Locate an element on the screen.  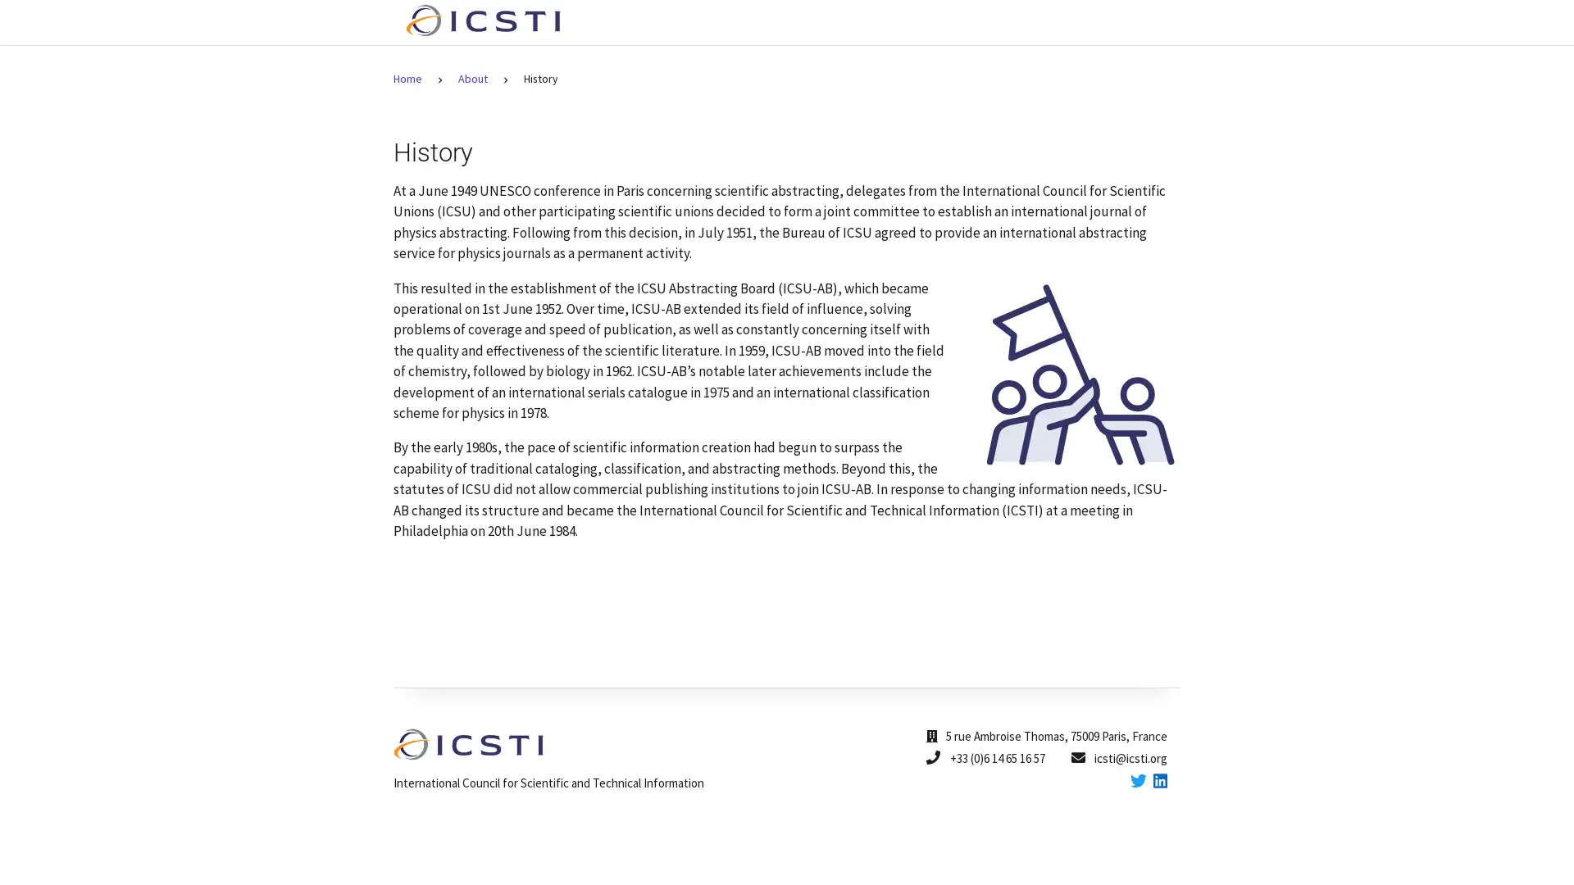
Programs & Resources is located at coordinates (937, 22).